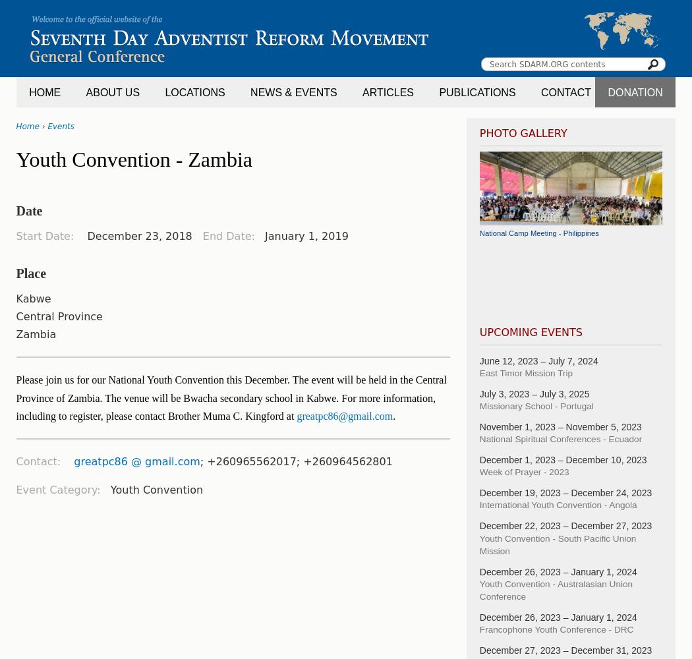 The height and width of the screenshot is (659, 692). I want to click on 'Campmeeting - Peru', so click(513, 280).